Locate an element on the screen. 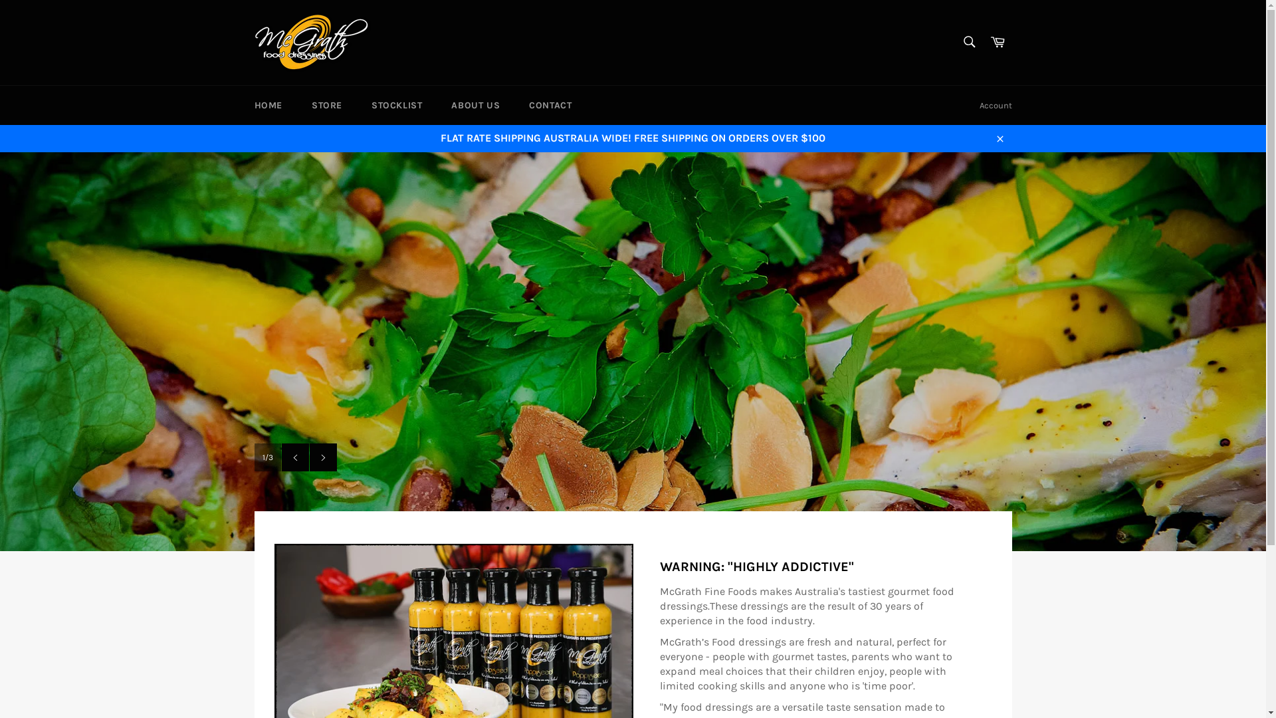 The image size is (1276, 718). 'Search' is located at coordinates (968, 41).